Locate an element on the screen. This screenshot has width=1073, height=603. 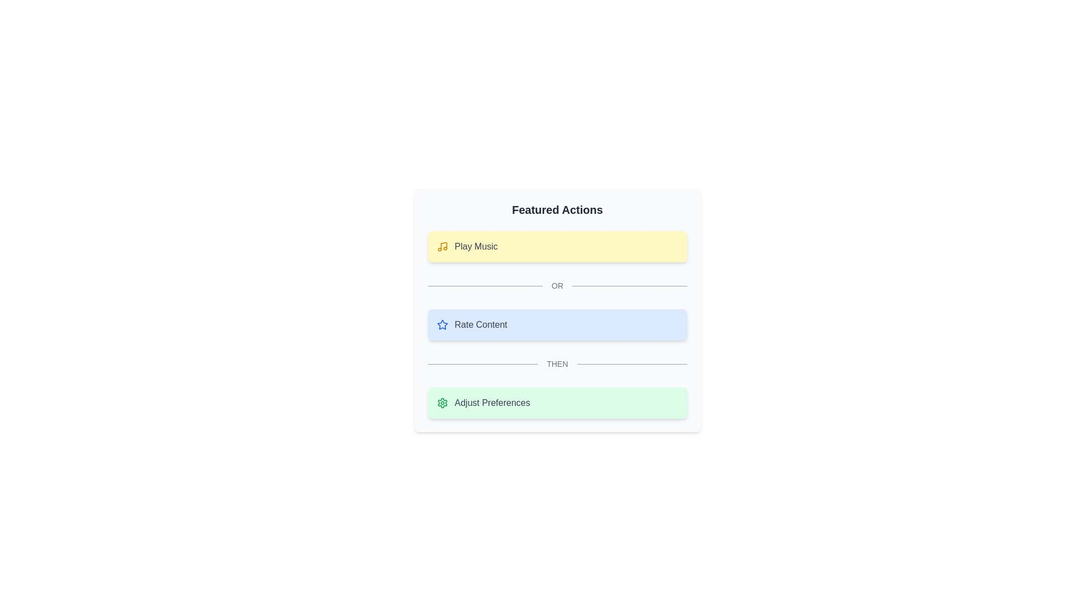
text label displaying the word 'OR' in a gray font, positioned between the 'Play Music' button and the 'Rate Content' button is located at coordinates (557, 285).